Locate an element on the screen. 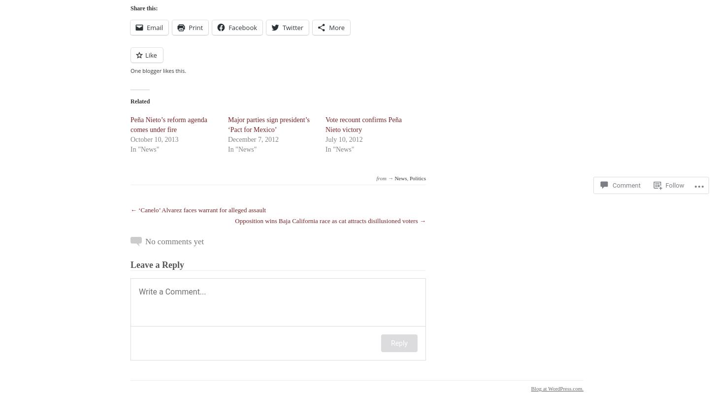 This screenshot has width=714, height=393. 'Print' is located at coordinates (195, 28).